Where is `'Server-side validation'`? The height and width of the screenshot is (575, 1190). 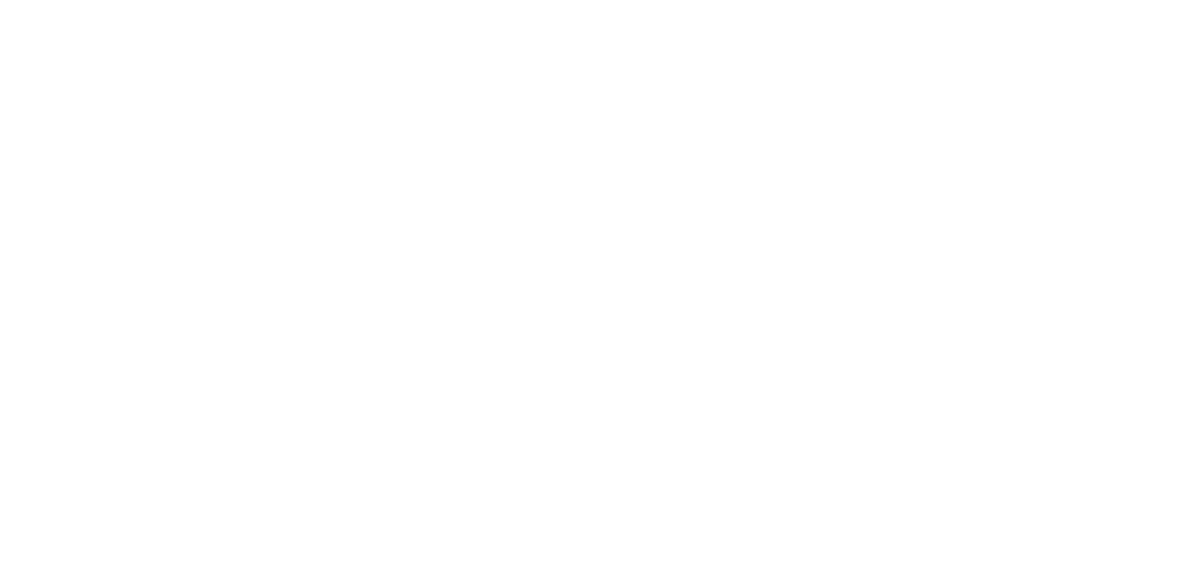 'Server-side validation' is located at coordinates (330, 454).